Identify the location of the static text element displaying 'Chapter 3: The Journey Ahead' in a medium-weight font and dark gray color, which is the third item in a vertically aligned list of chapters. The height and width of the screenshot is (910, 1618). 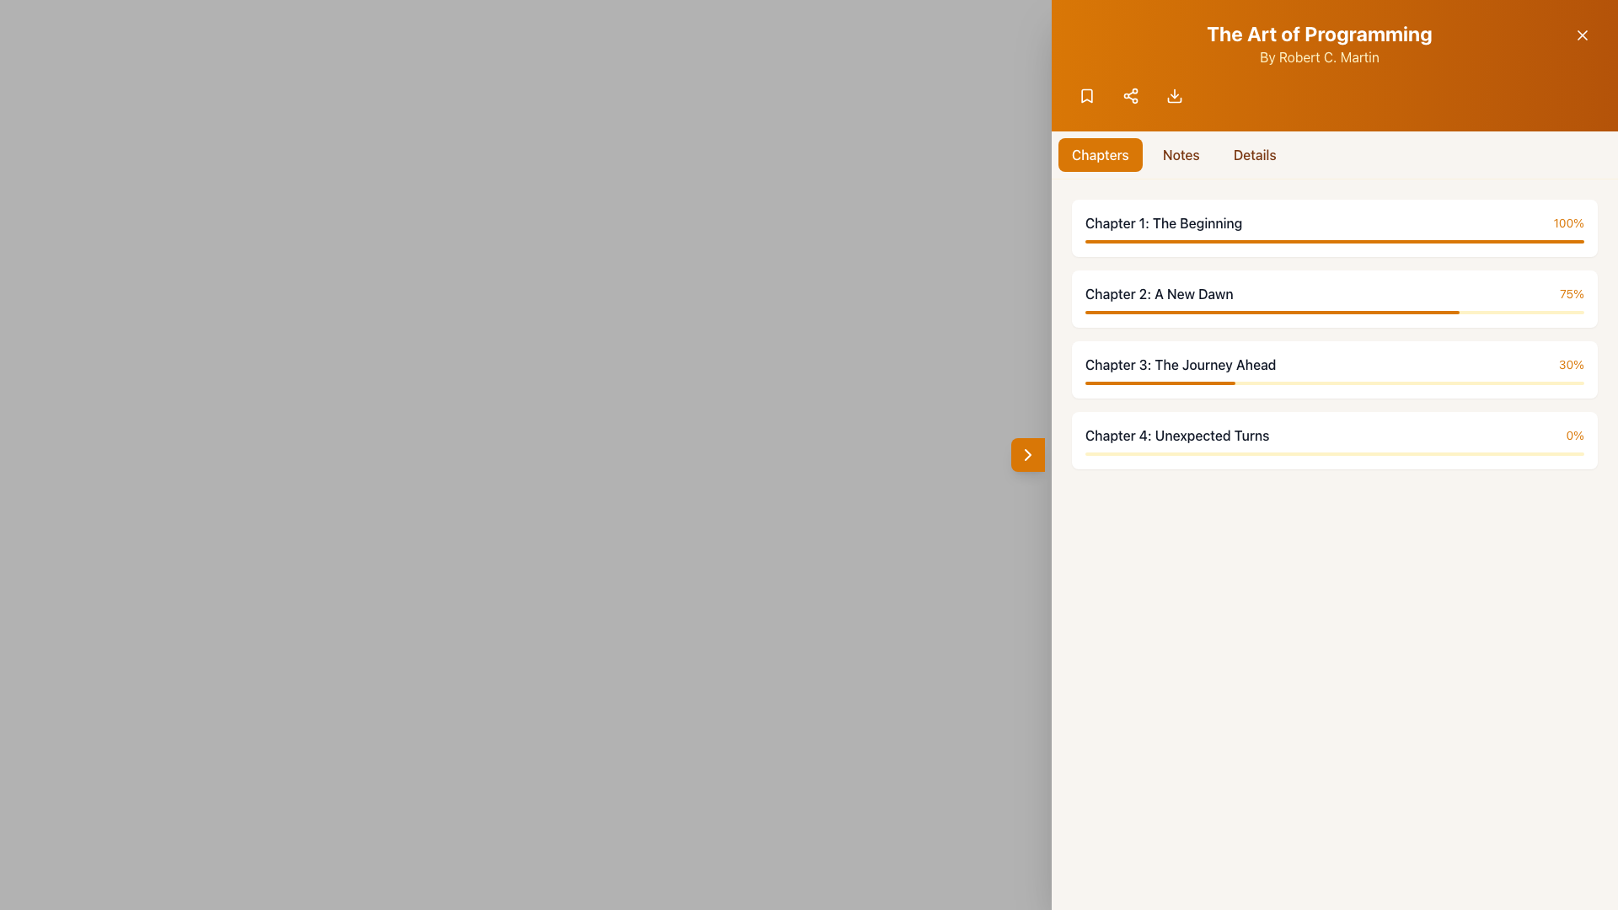
(1180, 363).